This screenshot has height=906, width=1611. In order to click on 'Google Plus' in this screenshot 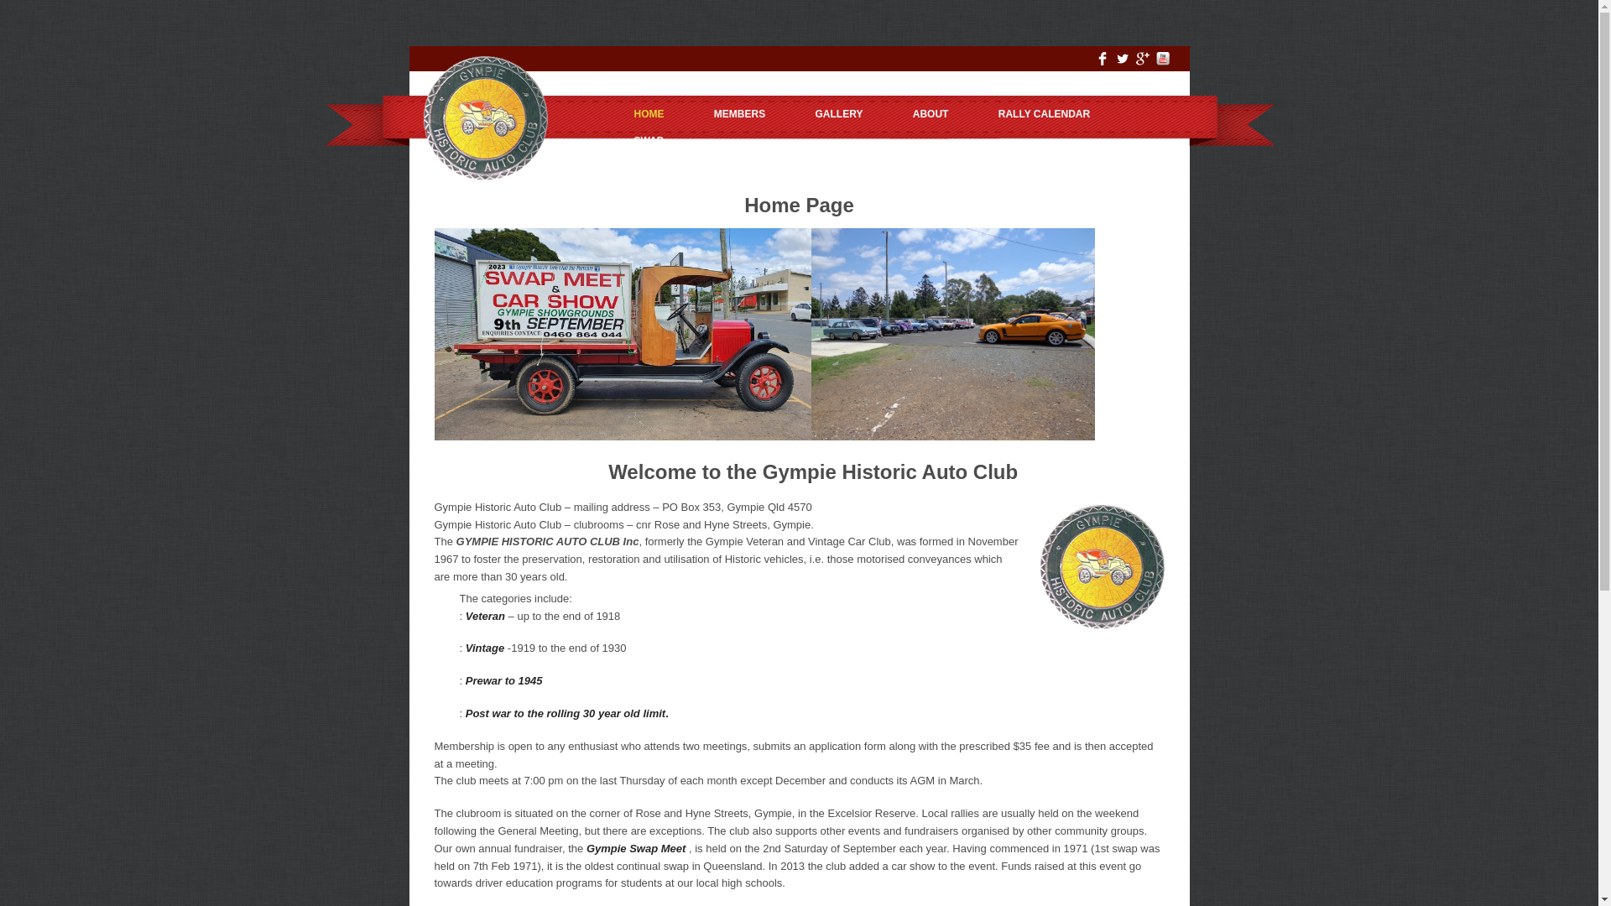, I will do `click(1142, 64)`.